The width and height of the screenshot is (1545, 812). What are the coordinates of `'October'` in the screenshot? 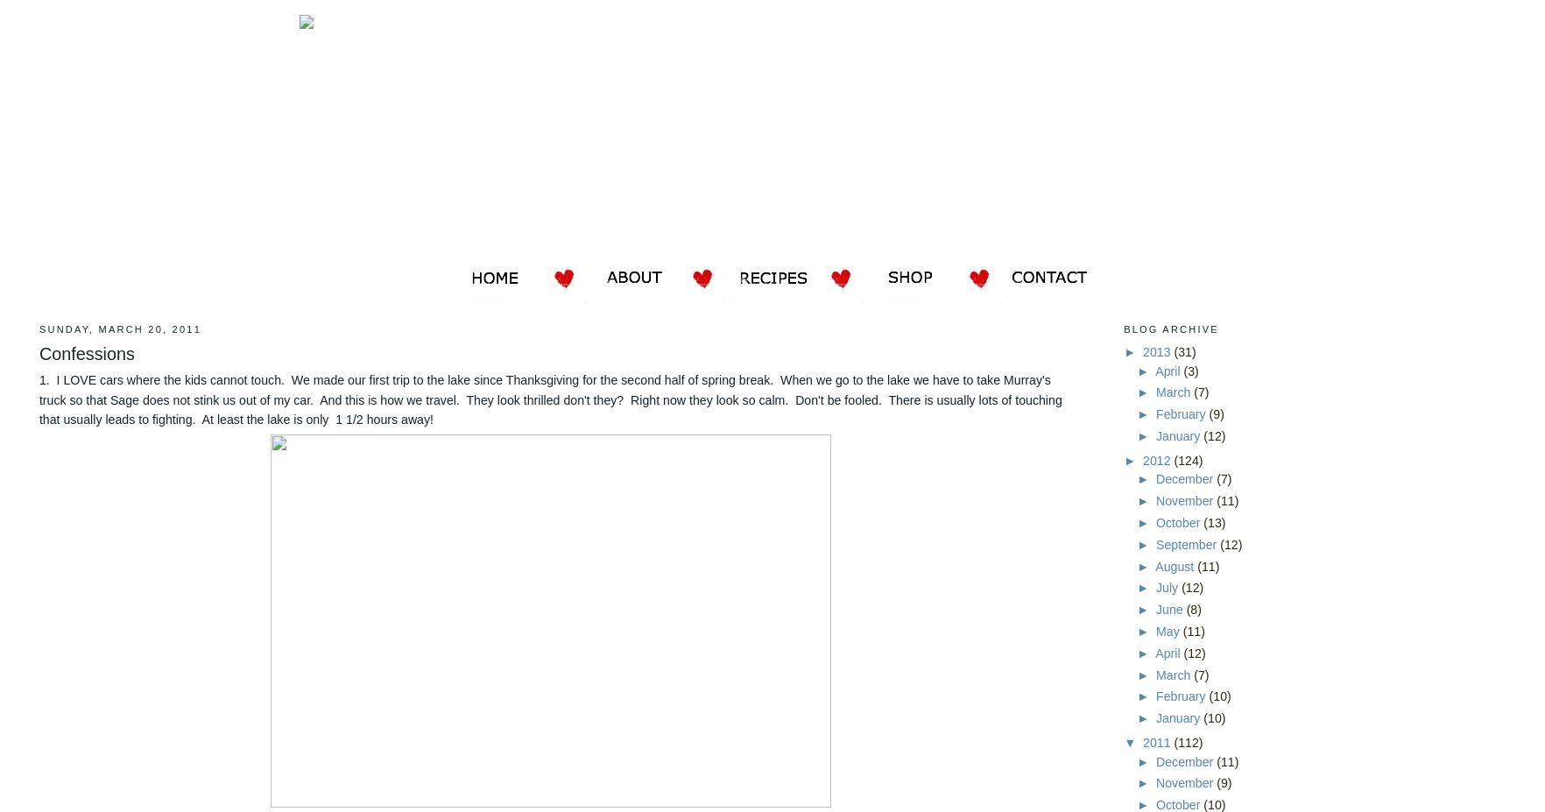 It's located at (1156, 522).